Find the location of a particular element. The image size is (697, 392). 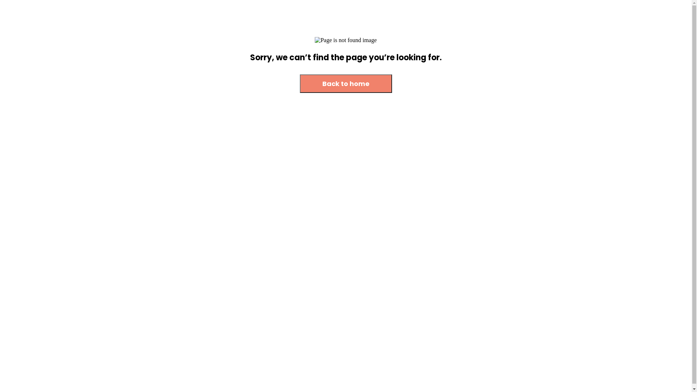

'Back to home' is located at coordinates (346, 83).